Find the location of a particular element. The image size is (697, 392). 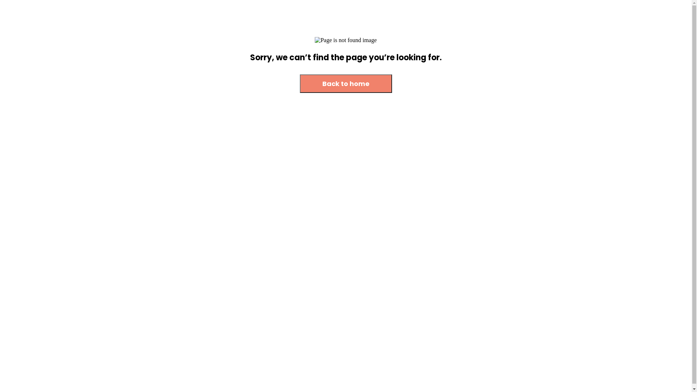

'Back to home' is located at coordinates (346, 83).